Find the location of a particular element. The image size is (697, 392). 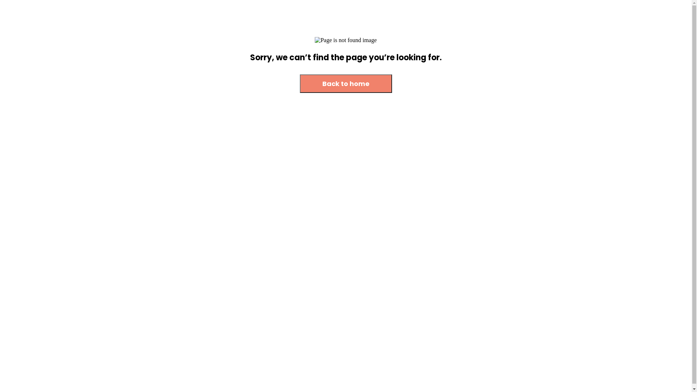

'Back to home' is located at coordinates (346, 83).